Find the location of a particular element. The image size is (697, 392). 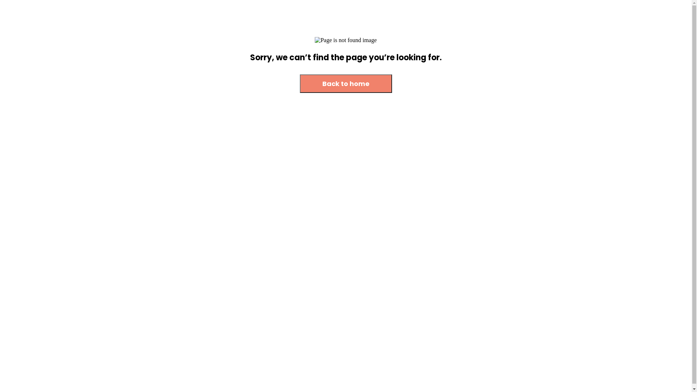

'Back to home' is located at coordinates (346, 83).